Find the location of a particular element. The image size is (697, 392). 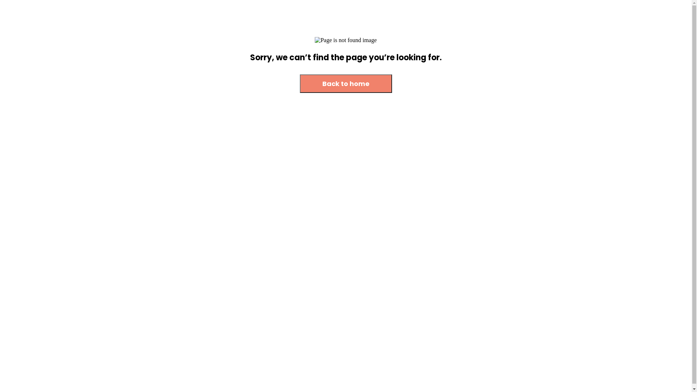

'Back to home' is located at coordinates (346, 83).